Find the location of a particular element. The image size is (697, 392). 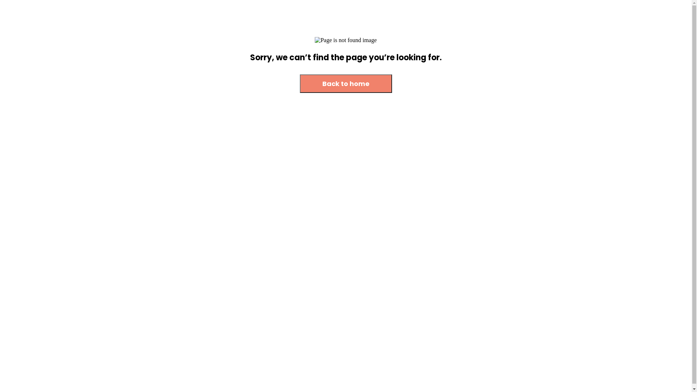

'Back to home' is located at coordinates (346, 83).